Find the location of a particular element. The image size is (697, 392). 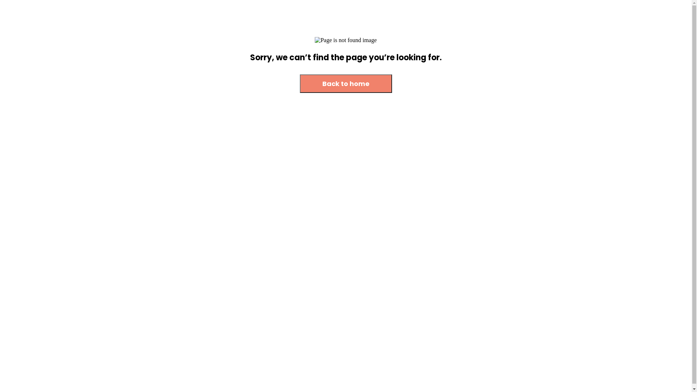

'Back to home' is located at coordinates (346, 83).